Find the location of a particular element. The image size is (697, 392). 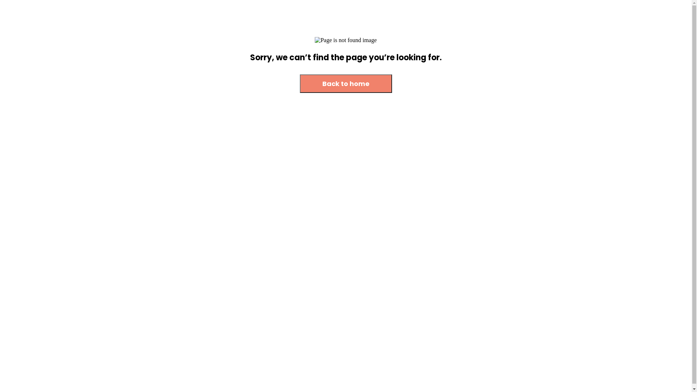

'Back to home' is located at coordinates (346, 83).